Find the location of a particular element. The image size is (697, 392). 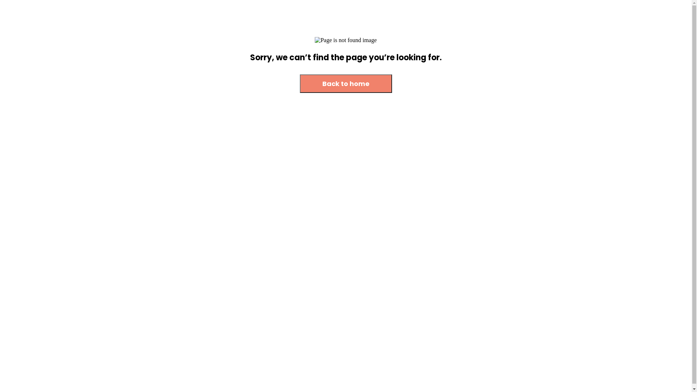

'Back to home' is located at coordinates (346, 83).